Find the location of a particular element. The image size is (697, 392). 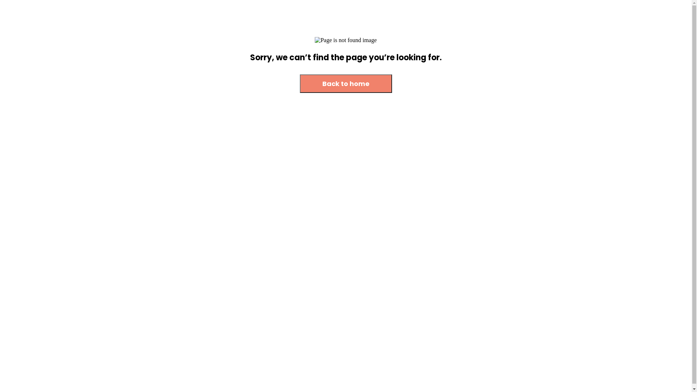

'Back to home' is located at coordinates (346, 83).